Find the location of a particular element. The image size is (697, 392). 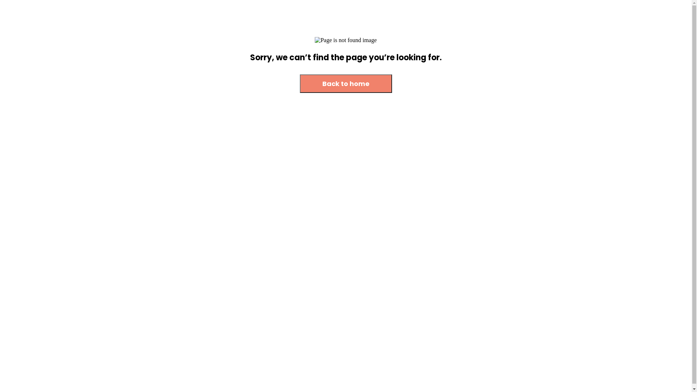

'Back to home' is located at coordinates (346, 83).